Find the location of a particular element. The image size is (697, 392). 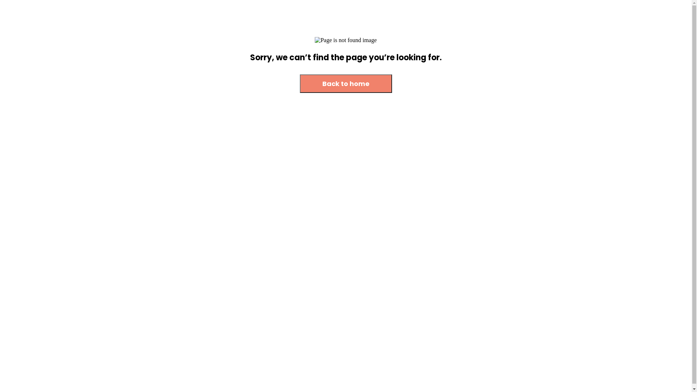

'Back to home' is located at coordinates (346, 83).